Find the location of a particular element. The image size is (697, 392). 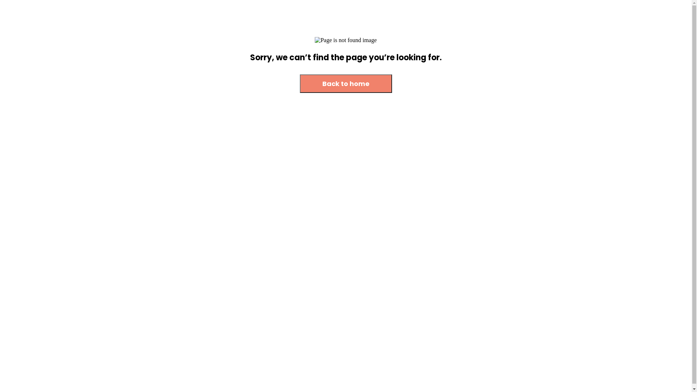

'Back to home' is located at coordinates (346, 83).